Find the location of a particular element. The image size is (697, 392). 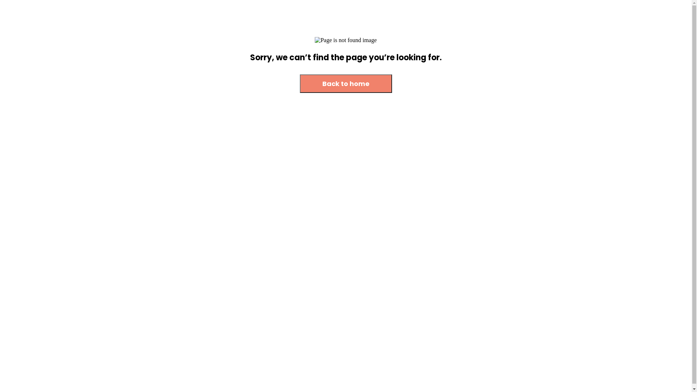

'Back to home' is located at coordinates (346, 83).